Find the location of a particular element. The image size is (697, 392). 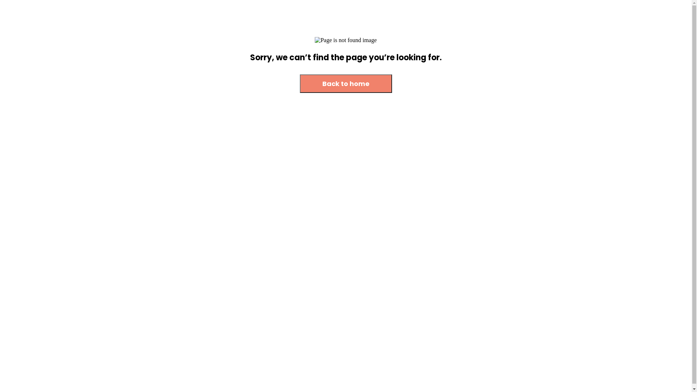

'Back to home' is located at coordinates (346, 83).